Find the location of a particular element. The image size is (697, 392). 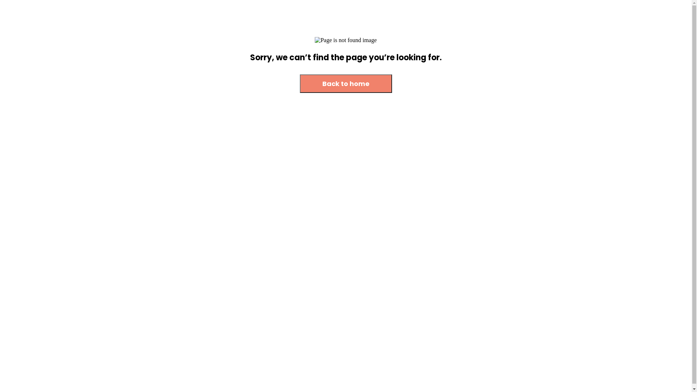

'Back to home' is located at coordinates (346, 83).